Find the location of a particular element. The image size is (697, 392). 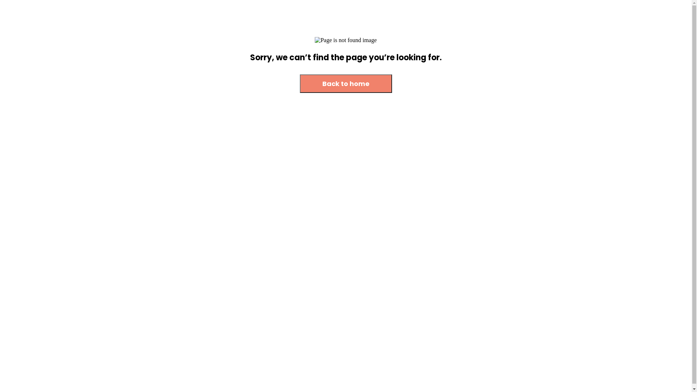

'Back to home' is located at coordinates (346, 83).